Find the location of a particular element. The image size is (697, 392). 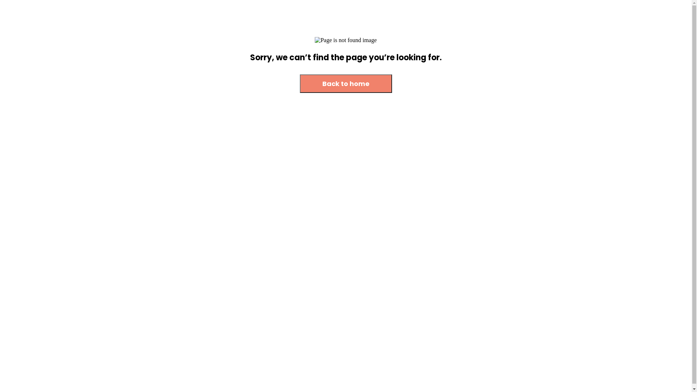

'Back to home' is located at coordinates (346, 83).